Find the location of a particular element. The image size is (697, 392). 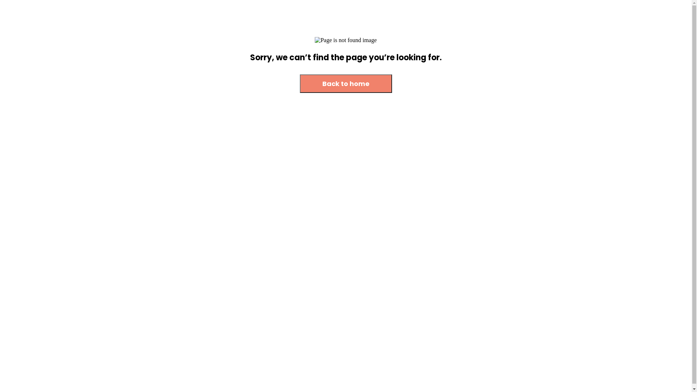

'Back to home' is located at coordinates (346, 83).